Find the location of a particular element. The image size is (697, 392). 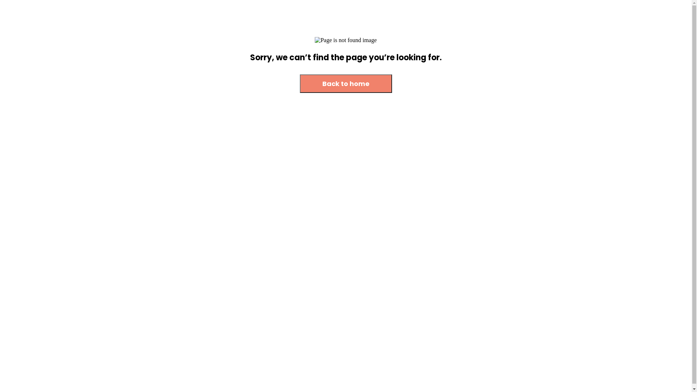

'Back to home' is located at coordinates (346, 83).